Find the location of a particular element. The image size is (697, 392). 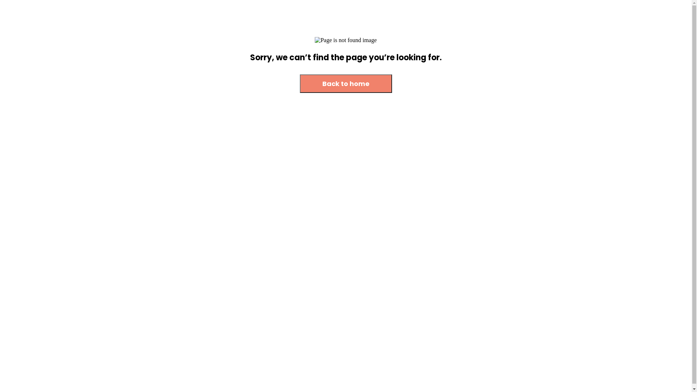

'Back to home' is located at coordinates (346, 83).